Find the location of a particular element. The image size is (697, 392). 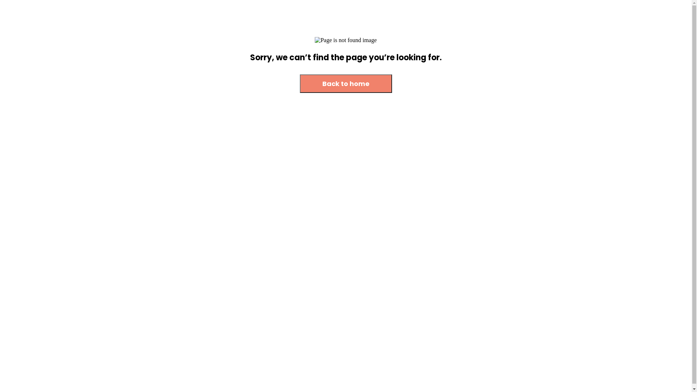

'Back to home' is located at coordinates (346, 83).